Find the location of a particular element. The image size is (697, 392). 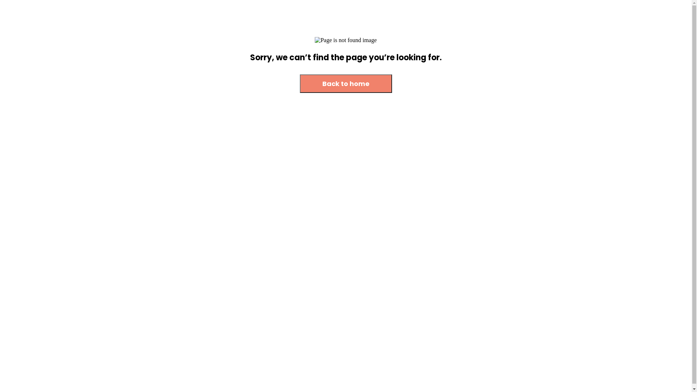

'Back to home' is located at coordinates (346, 83).